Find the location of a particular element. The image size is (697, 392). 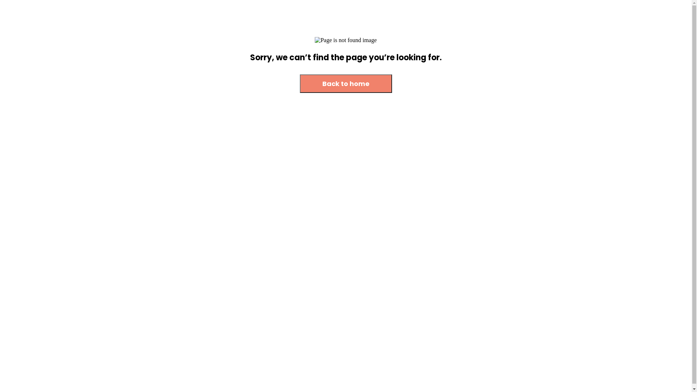

'Back to home' is located at coordinates (346, 83).